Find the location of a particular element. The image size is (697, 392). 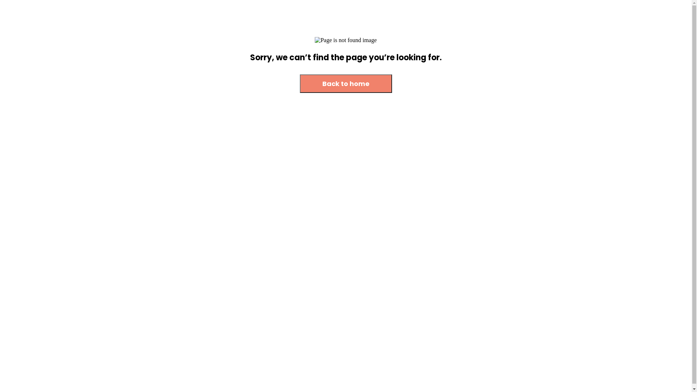

'Back to home' is located at coordinates (346, 83).